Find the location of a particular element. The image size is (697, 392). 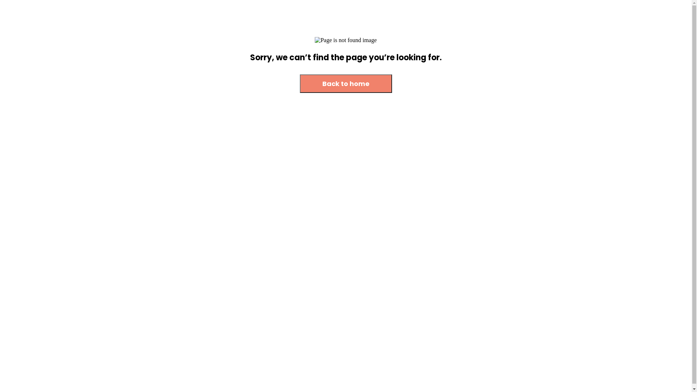

'Back to home' is located at coordinates (346, 83).